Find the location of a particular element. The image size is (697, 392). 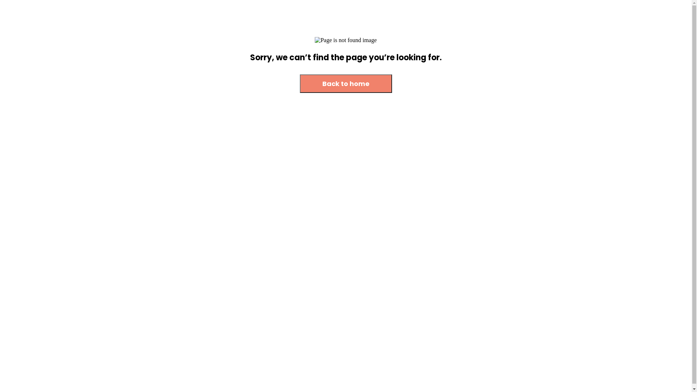

'Back to home' is located at coordinates (346, 83).